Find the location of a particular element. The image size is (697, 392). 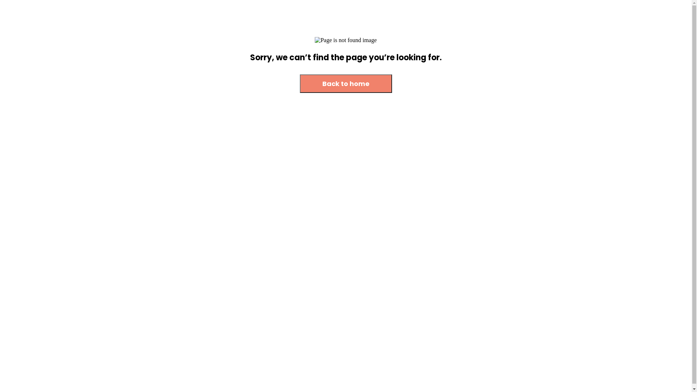

'Back to home' is located at coordinates (346, 83).